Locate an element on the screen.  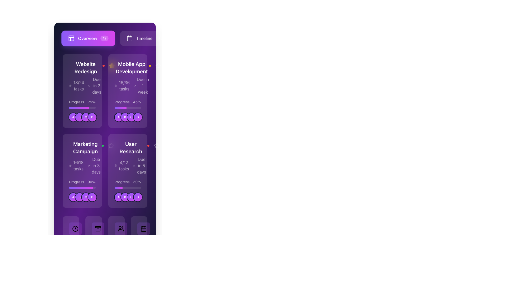
the clock icon with a circular outline and central hands, located to the left of the 'Due in 2 days' text within the 'Website Redesign' card is located at coordinates (89, 85).